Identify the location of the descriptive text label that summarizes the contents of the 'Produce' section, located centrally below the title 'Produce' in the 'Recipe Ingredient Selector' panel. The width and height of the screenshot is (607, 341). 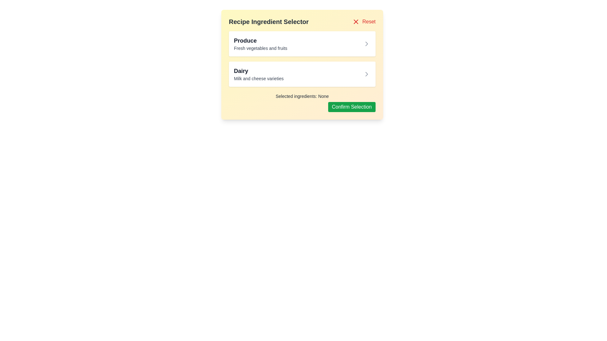
(261, 48).